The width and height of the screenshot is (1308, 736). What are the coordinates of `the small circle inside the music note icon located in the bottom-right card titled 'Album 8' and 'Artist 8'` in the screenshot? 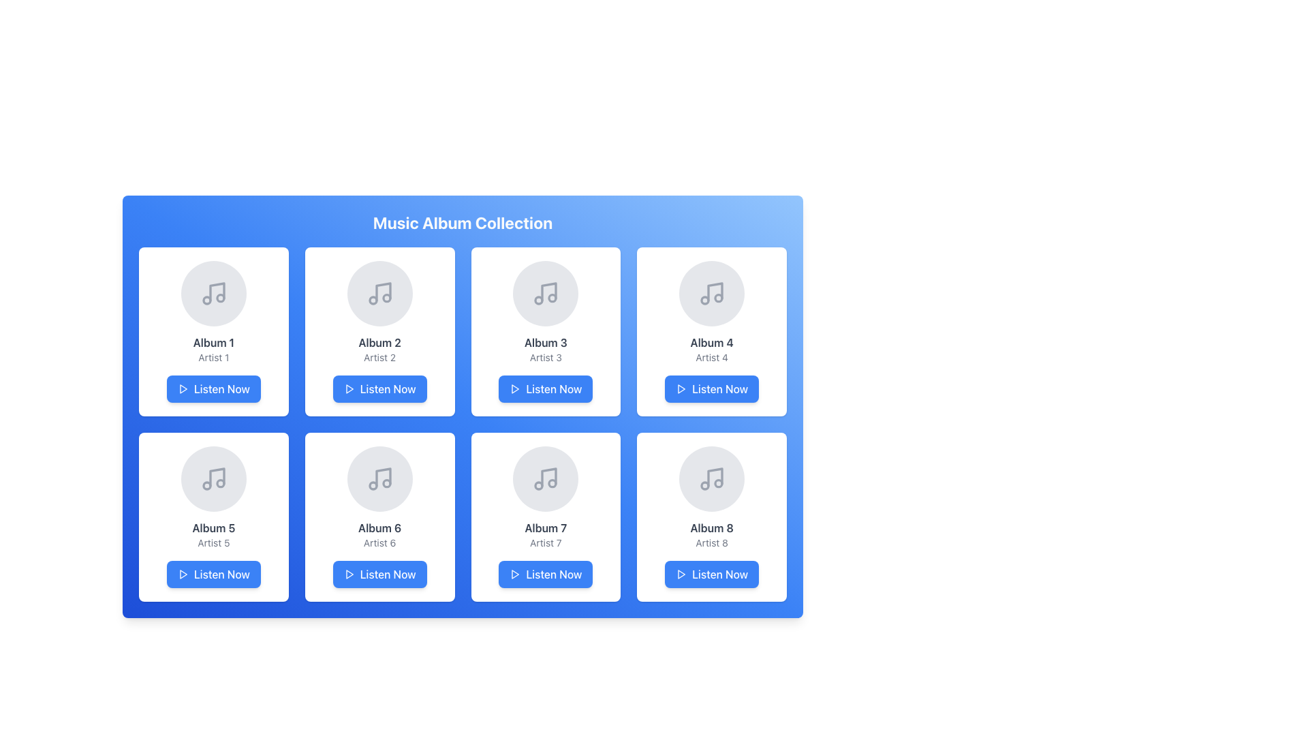 It's located at (705, 485).